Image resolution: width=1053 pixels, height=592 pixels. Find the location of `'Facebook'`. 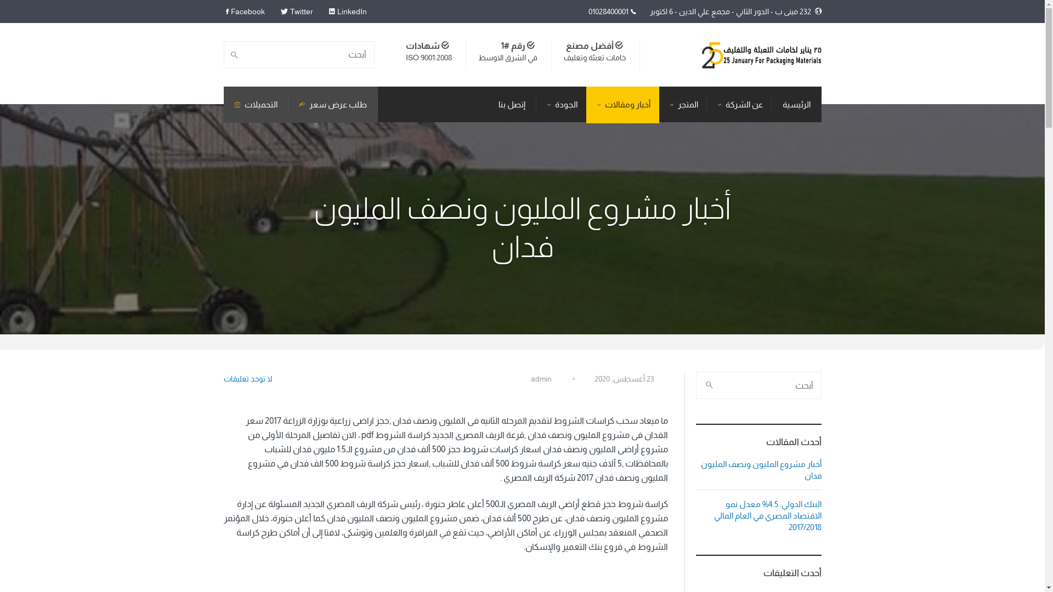

'Facebook' is located at coordinates (247, 11).